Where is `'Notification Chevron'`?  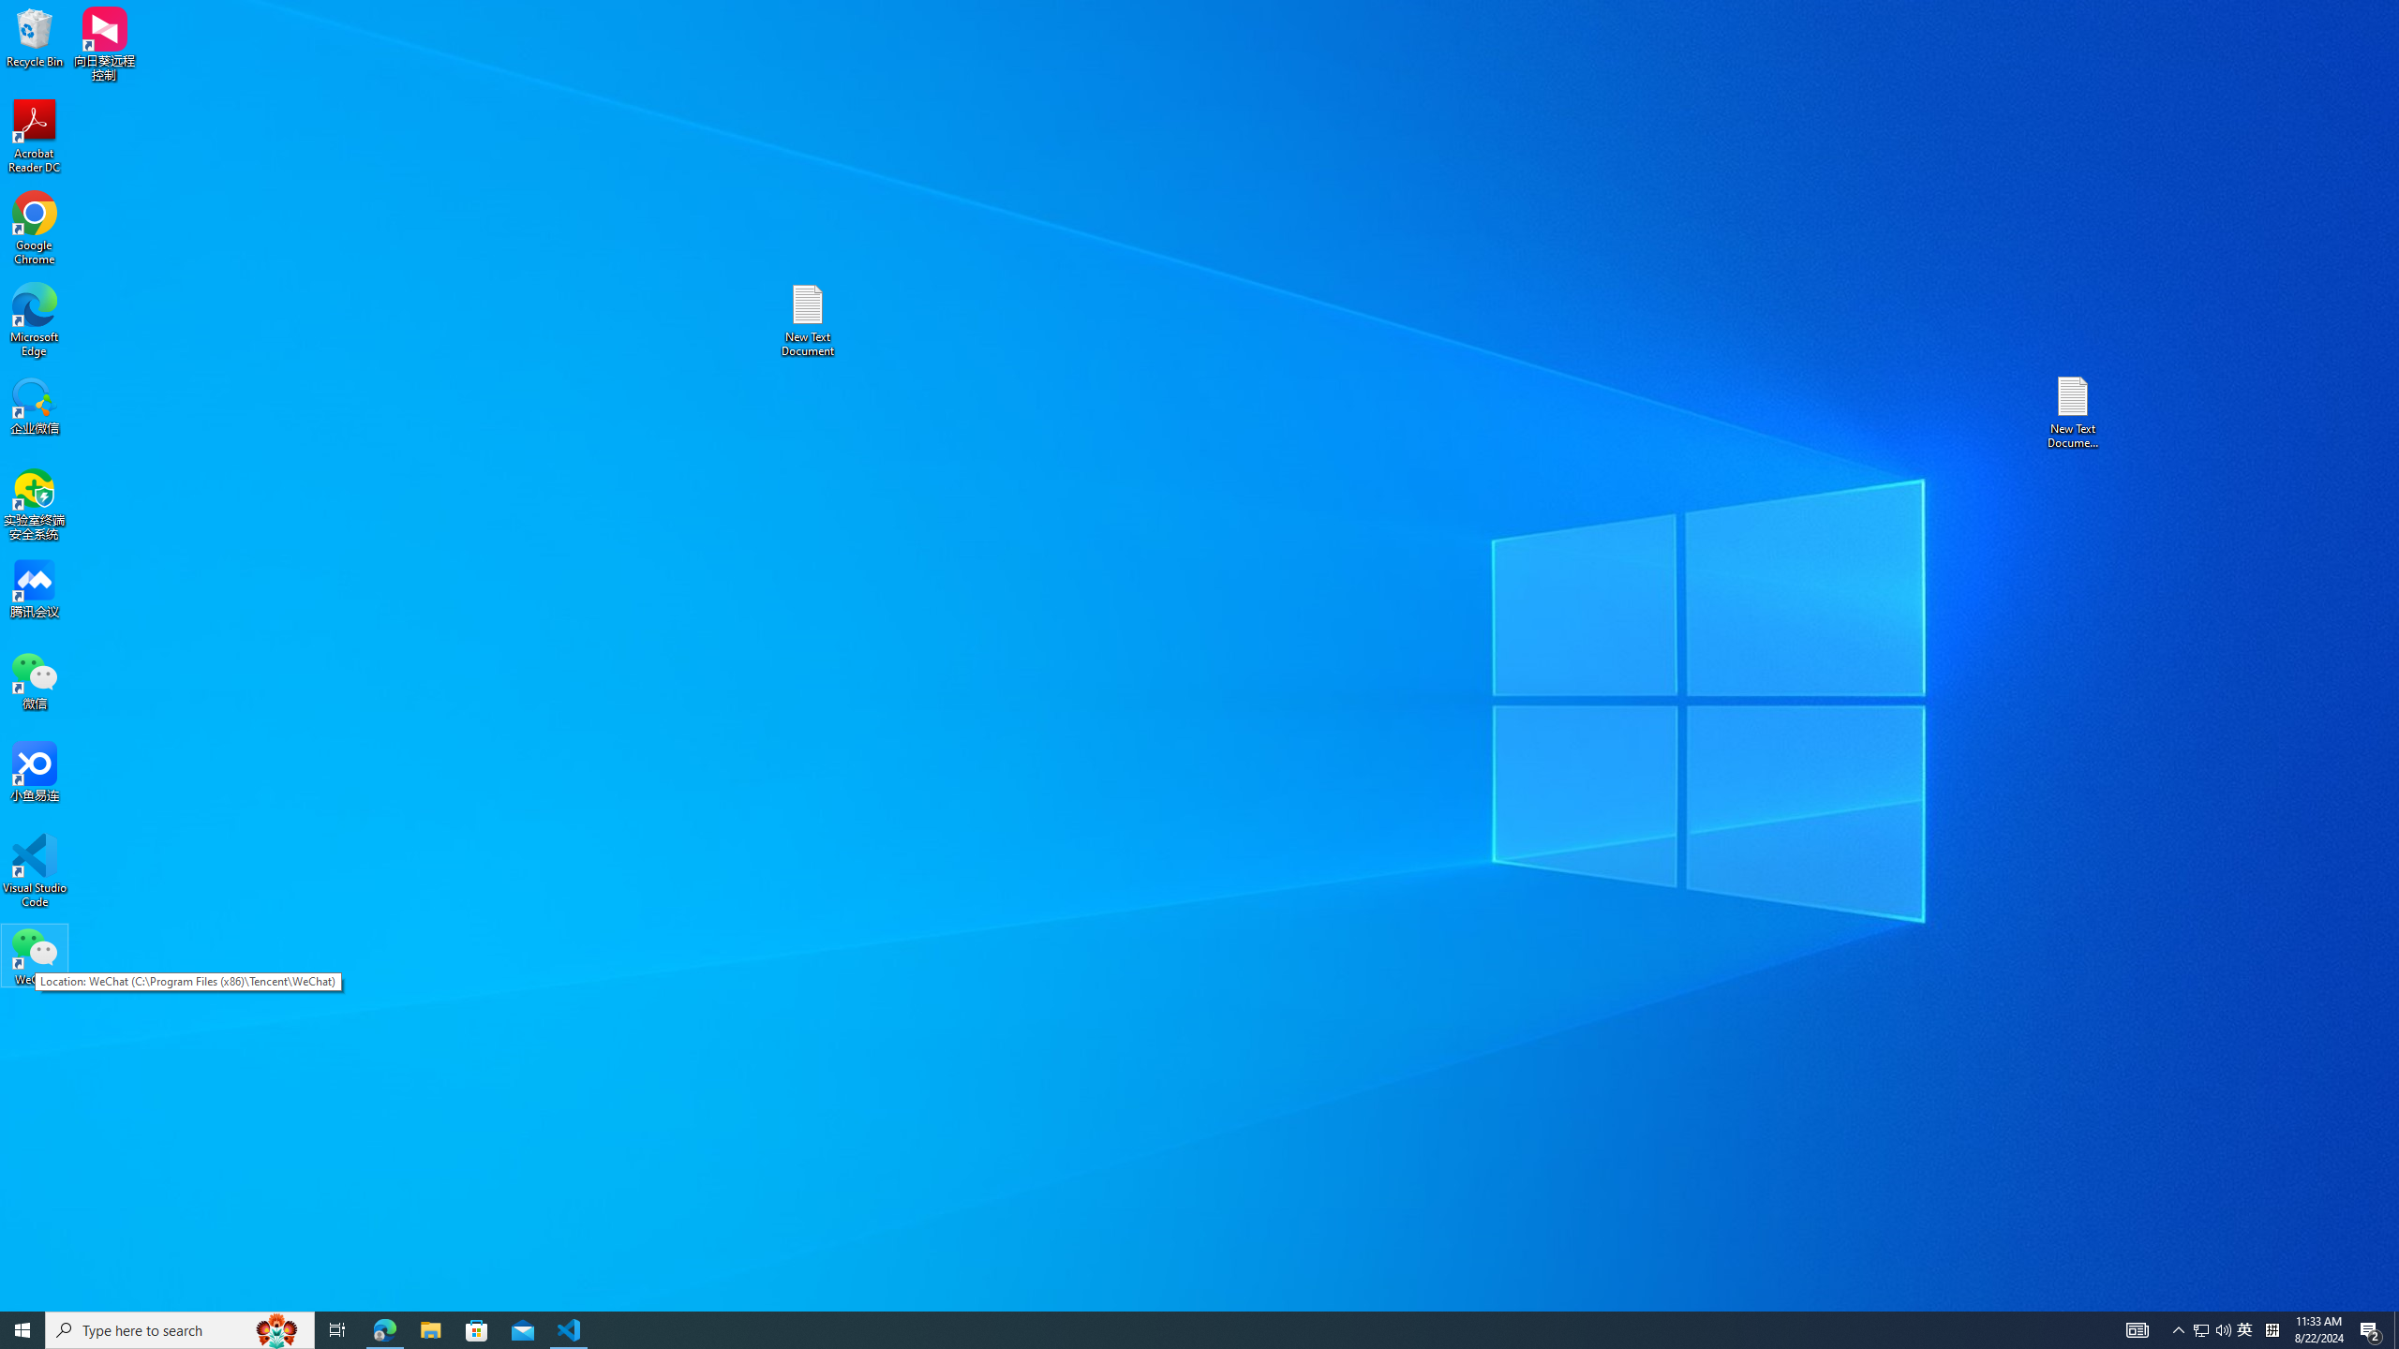 'Notification Chevron' is located at coordinates (2200, 1328).